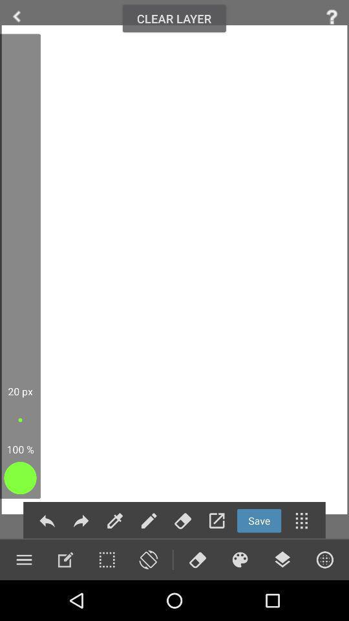 This screenshot has height=621, width=349. What do you see at coordinates (106, 559) in the screenshot?
I see `area tool` at bounding box center [106, 559].